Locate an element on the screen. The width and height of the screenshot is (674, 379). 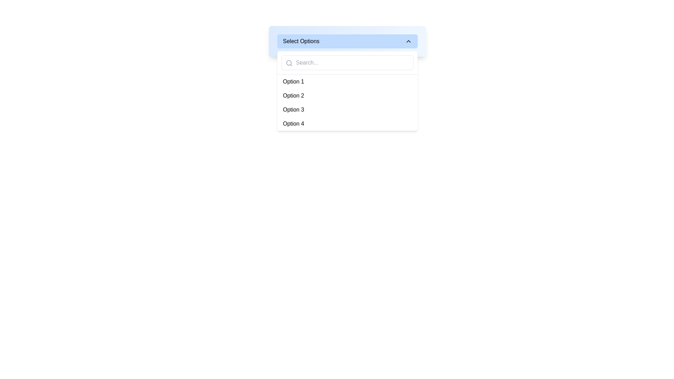
the selectable dropdown item labeled 'Option 2' is located at coordinates (293, 96).